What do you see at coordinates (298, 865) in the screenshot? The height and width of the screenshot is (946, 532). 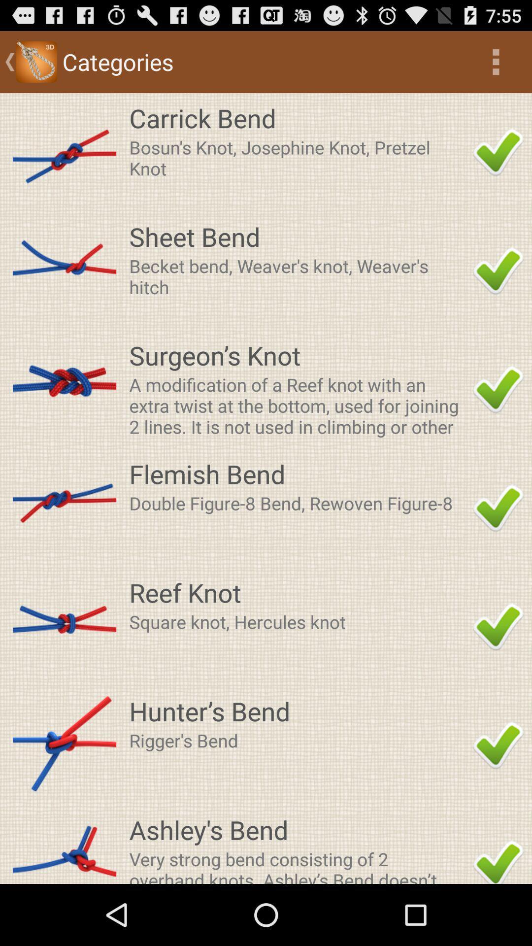 I see `the app below ashley's bend icon` at bounding box center [298, 865].